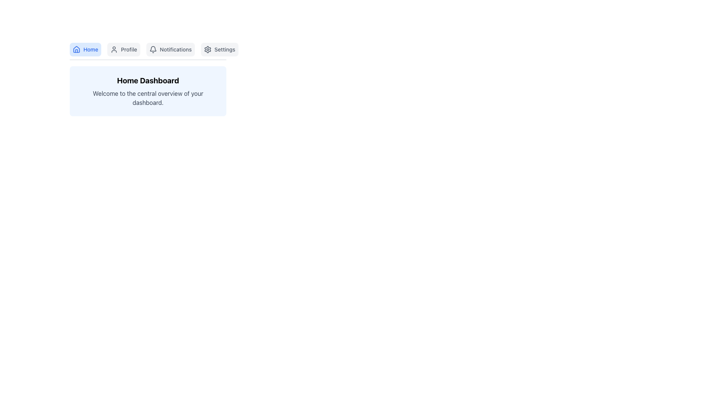 Image resolution: width=728 pixels, height=409 pixels. I want to click on the house icon in the navigation bar, which features a minimalistic outline of a house with a triangular roof and supporting walls, specifically the button labeled 'Home', so click(76, 49).